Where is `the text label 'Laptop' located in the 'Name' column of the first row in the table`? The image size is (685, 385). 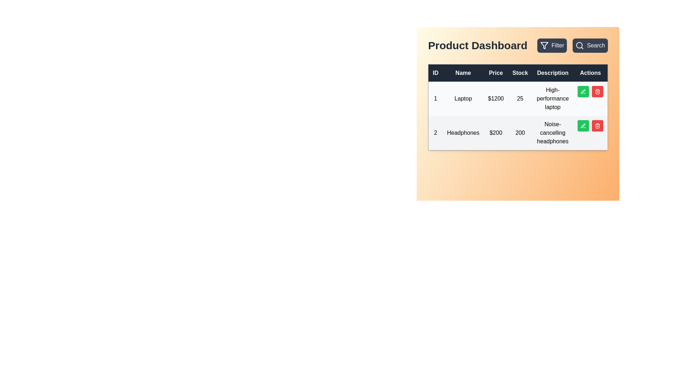
the text label 'Laptop' located in the 'Name' column of the first row in the table is located at coordinates (463, 99).